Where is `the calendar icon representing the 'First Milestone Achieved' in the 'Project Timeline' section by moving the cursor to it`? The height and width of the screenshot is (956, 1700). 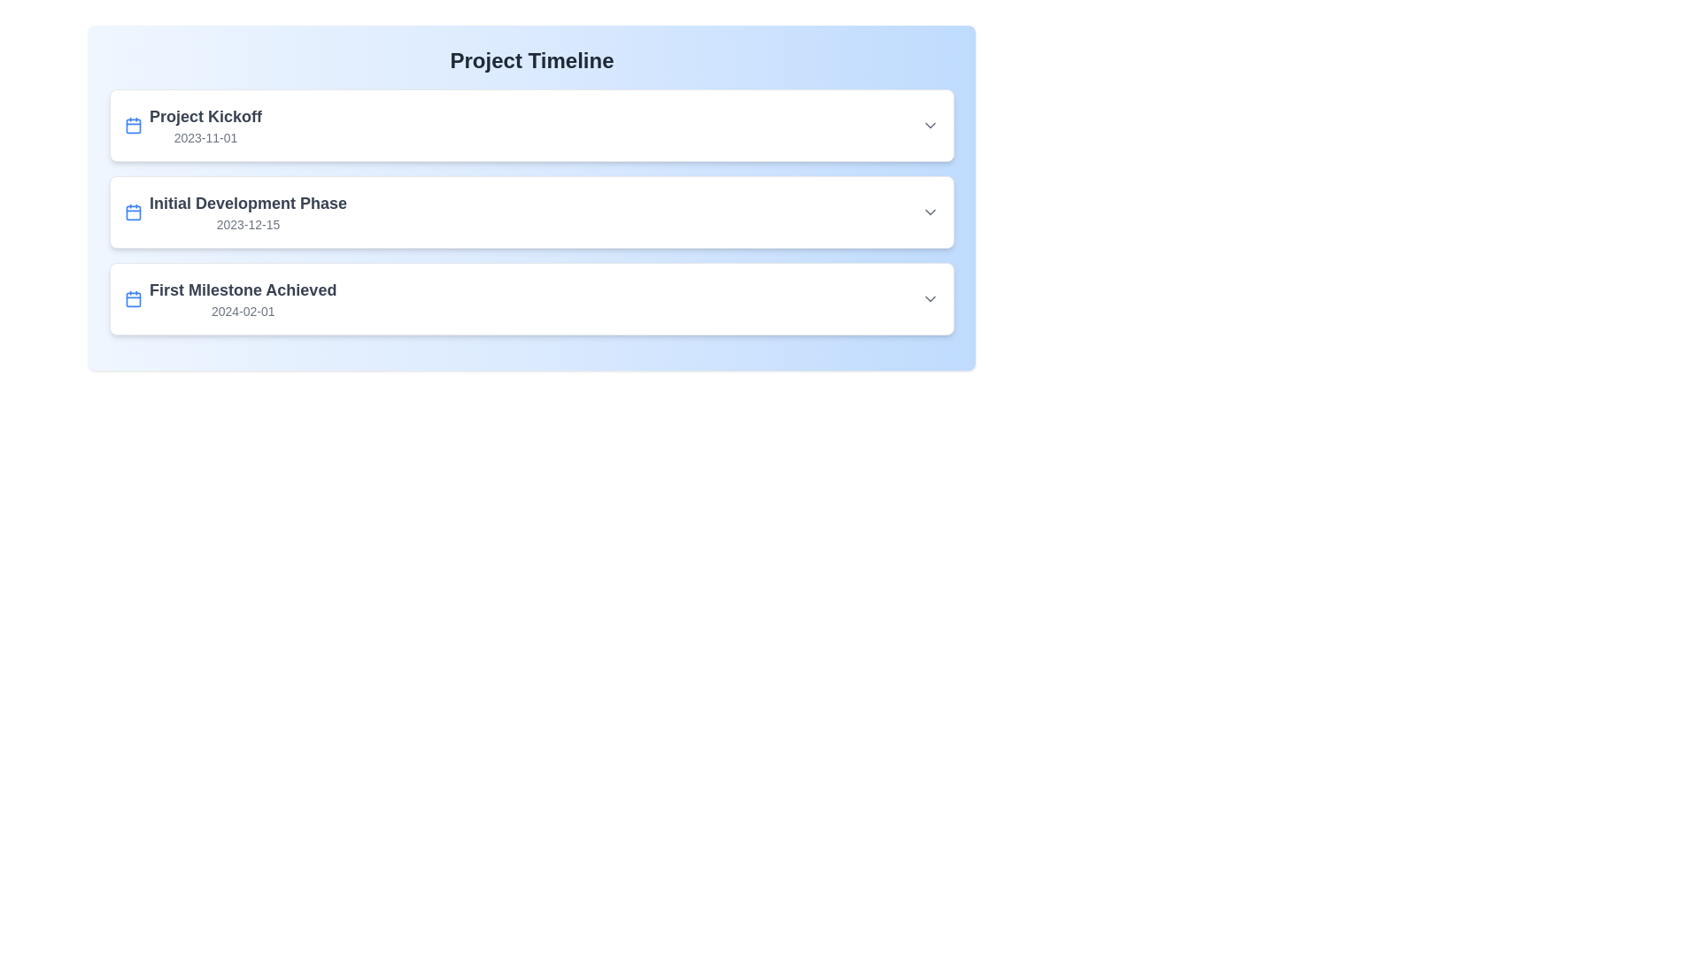 the calendar icon representing the 'First Milestone Achieved' in the 'Project Timeline' section by moving the cursor to it is located at coordinates (132, 298).